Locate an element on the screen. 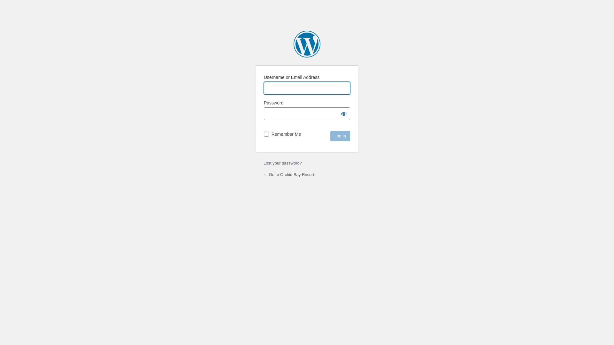 This screenshot has height=345, width=614. 'Lost your password?' is located at coordinates (282, 163).